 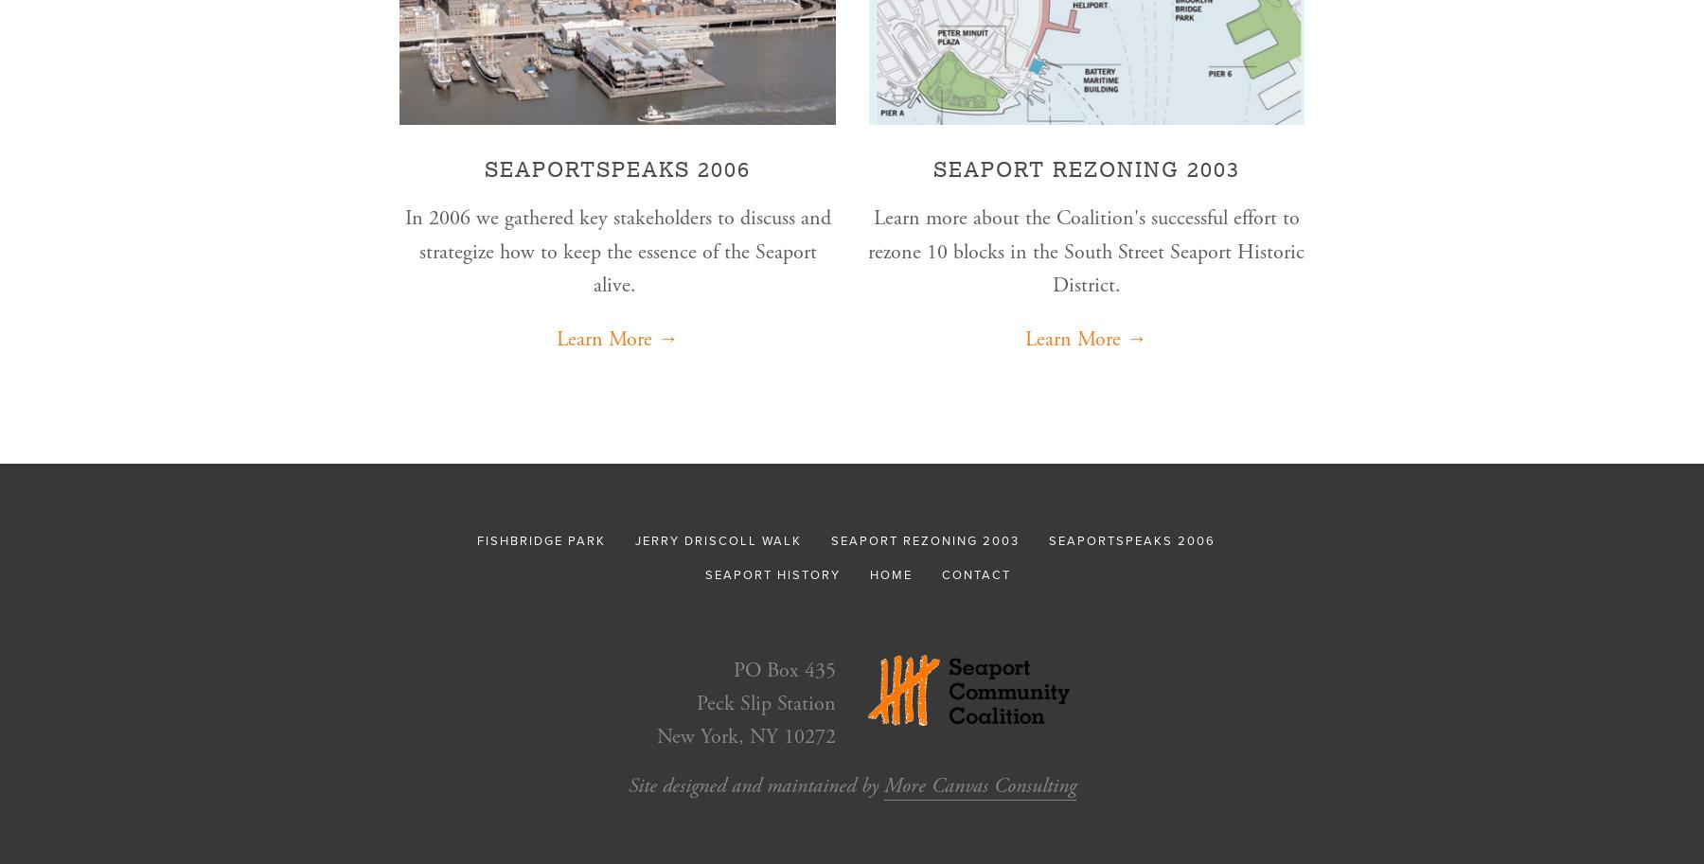 I want to click on 'HOME', so click(x=869, y=573).